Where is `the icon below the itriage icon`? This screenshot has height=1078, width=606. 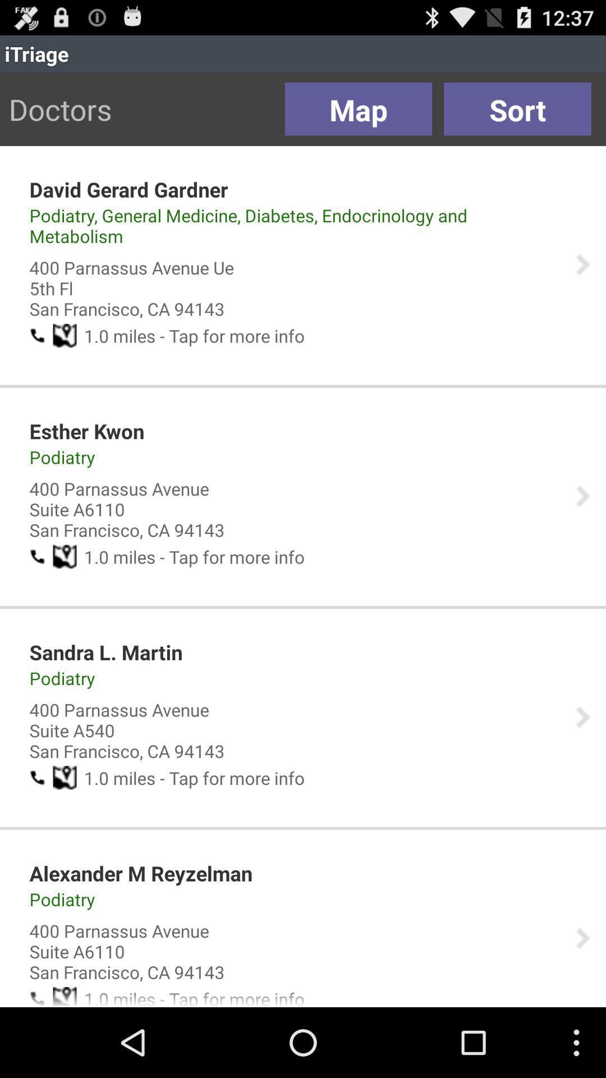 the icon below the itriage icon is located at coordinates (517, 109).